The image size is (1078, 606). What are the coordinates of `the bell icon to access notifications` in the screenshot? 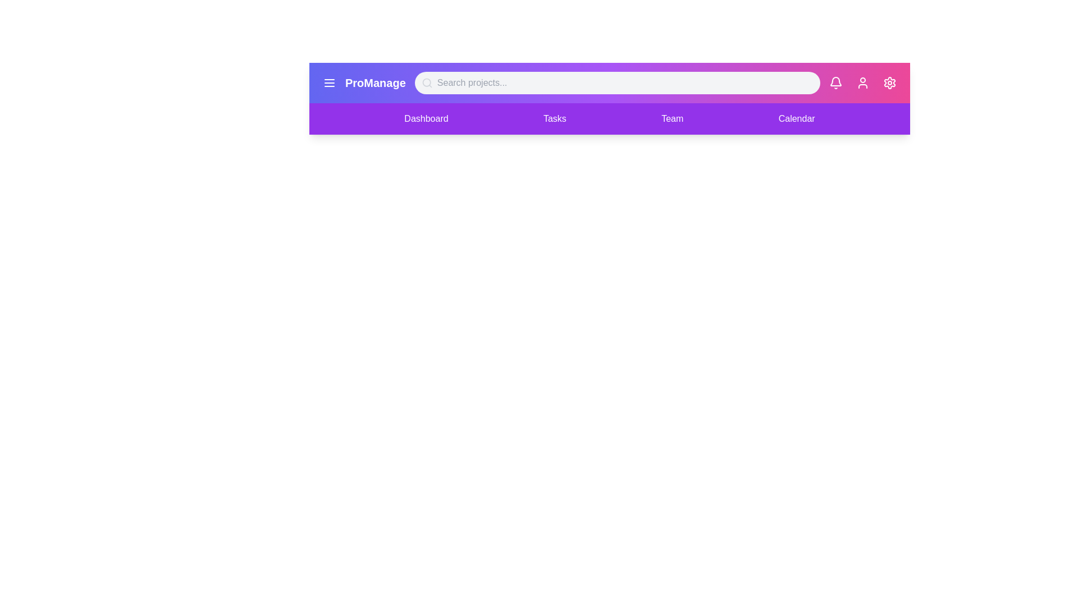 It's located at (835, 82).